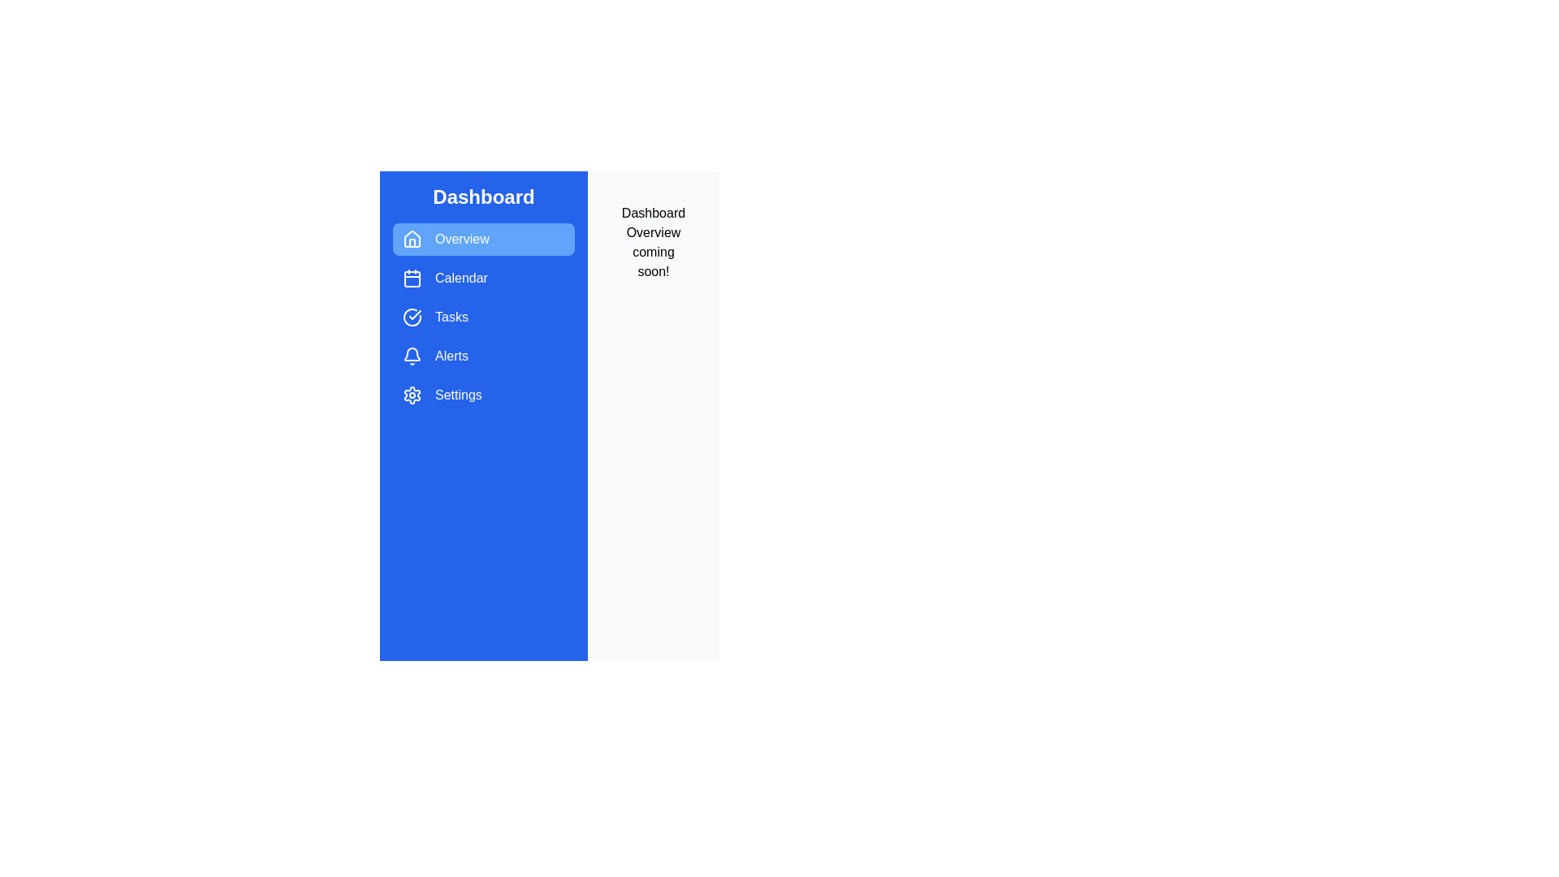 Image resolution: width=1559 pixels, height=877 pixels. Describe the element at coordinates (412, 356) in the screenshot. I see `the minimalist bell icon located in the left sidebar menu next to the 'Alerts' label` at that location.